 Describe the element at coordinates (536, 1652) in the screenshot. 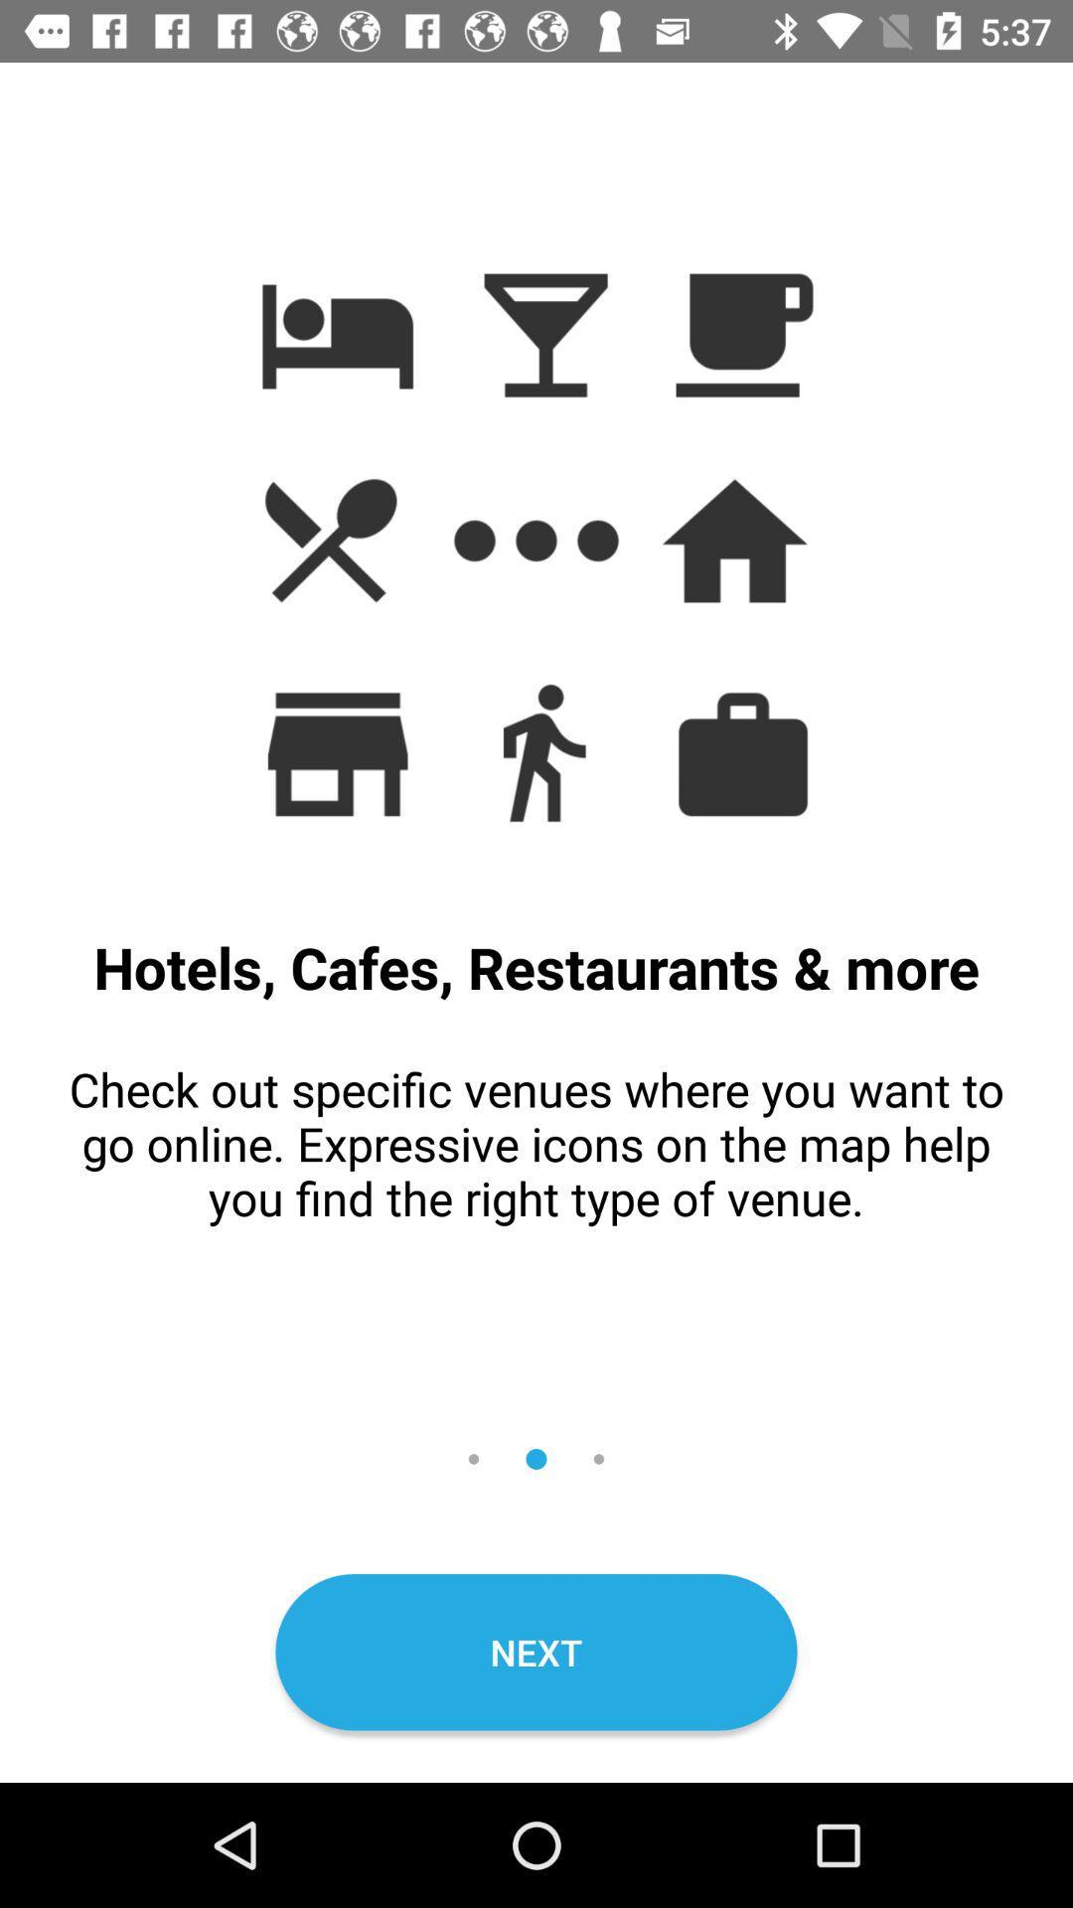

I see `next icon` at that location.